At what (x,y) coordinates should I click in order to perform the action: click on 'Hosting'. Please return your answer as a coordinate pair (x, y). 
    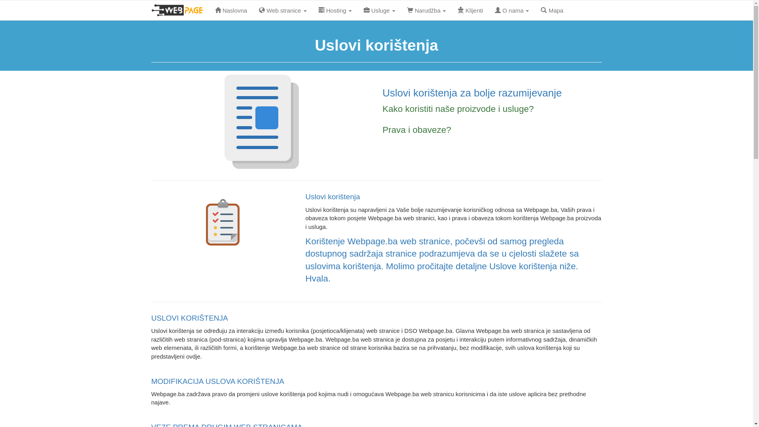
    Looking at the image, I should click on (335, 10).